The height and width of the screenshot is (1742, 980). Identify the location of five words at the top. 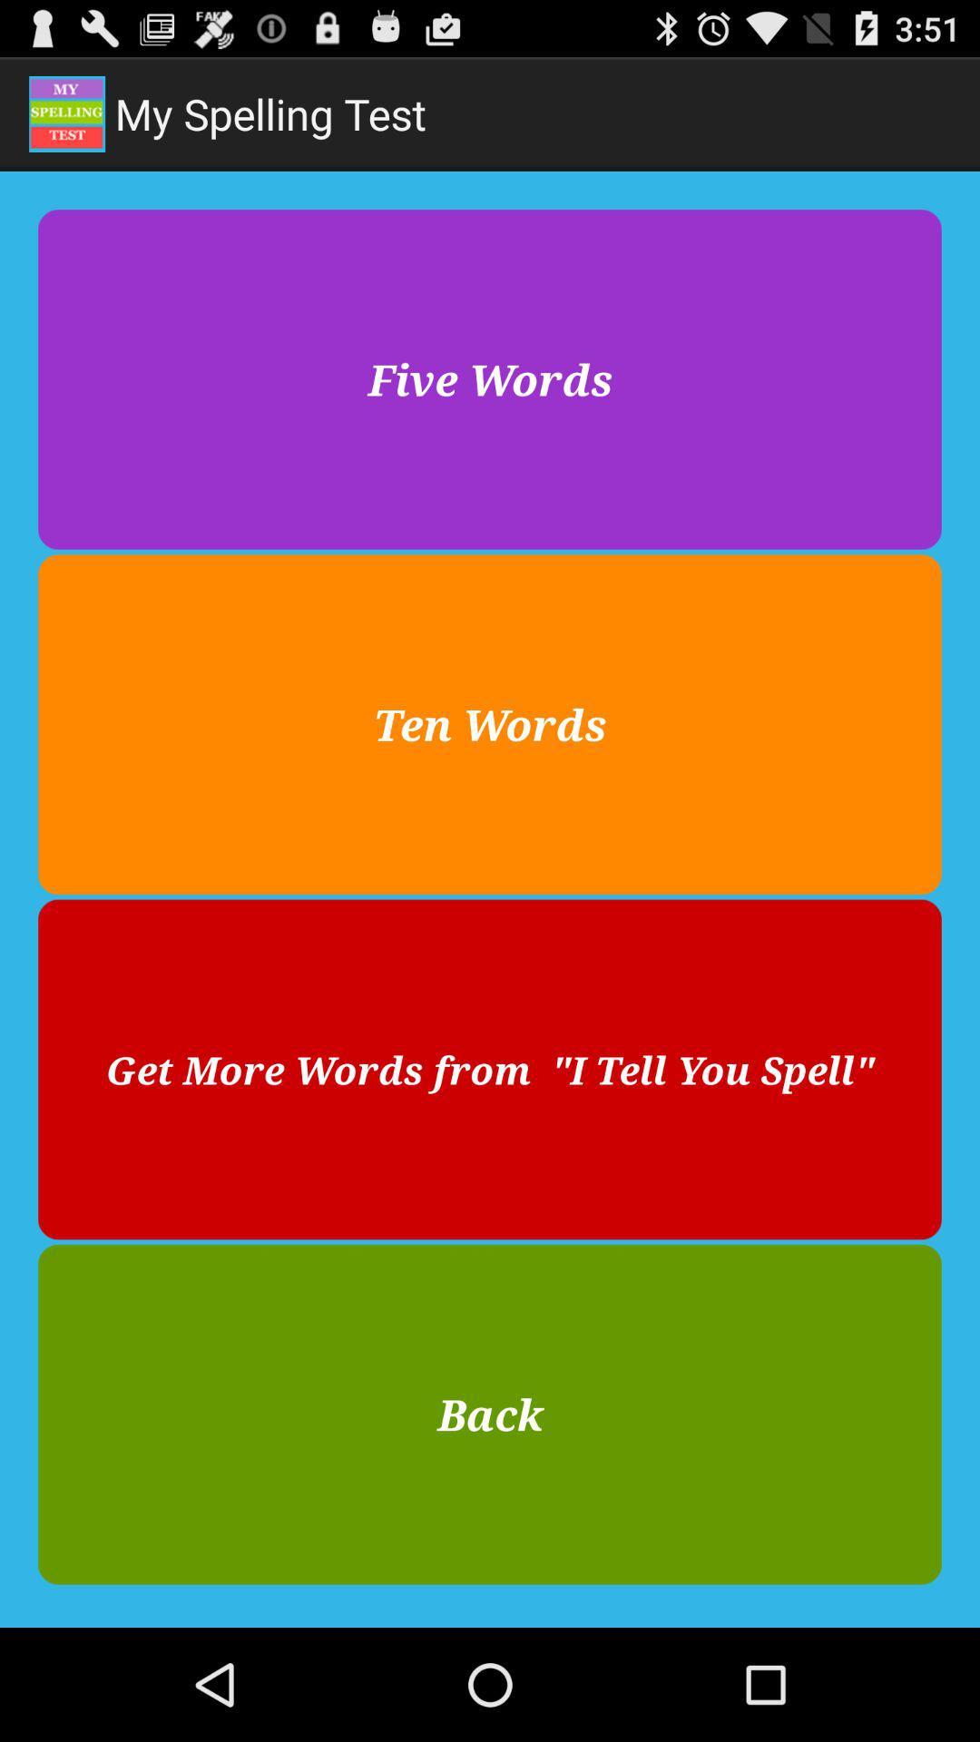
(490, 378).